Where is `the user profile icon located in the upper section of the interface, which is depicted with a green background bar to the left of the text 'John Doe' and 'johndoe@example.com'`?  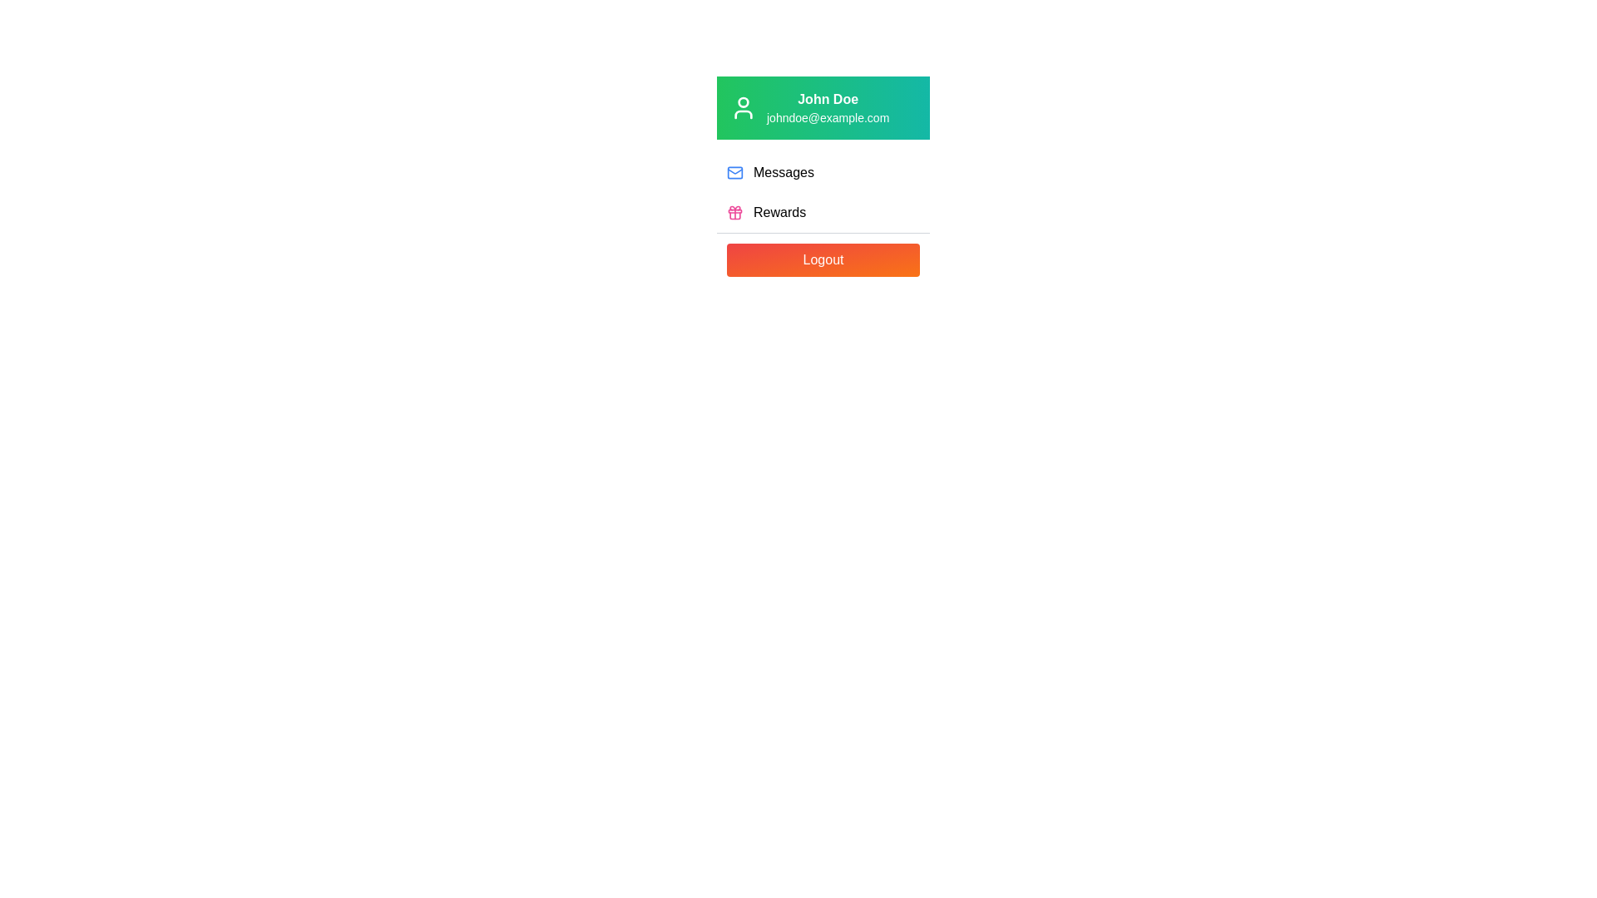 the user profile icon located in the upper section of the interface, which is depicted with a green background bar to the left of the text 'John Doe' and 'johndoe@example.com' is located at coordinates (742, 108).